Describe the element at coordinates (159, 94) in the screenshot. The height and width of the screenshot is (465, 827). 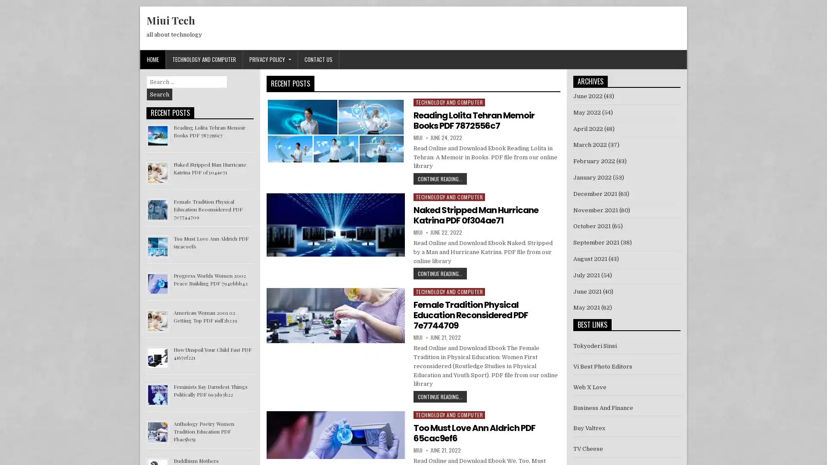
I see `Search` at that location.